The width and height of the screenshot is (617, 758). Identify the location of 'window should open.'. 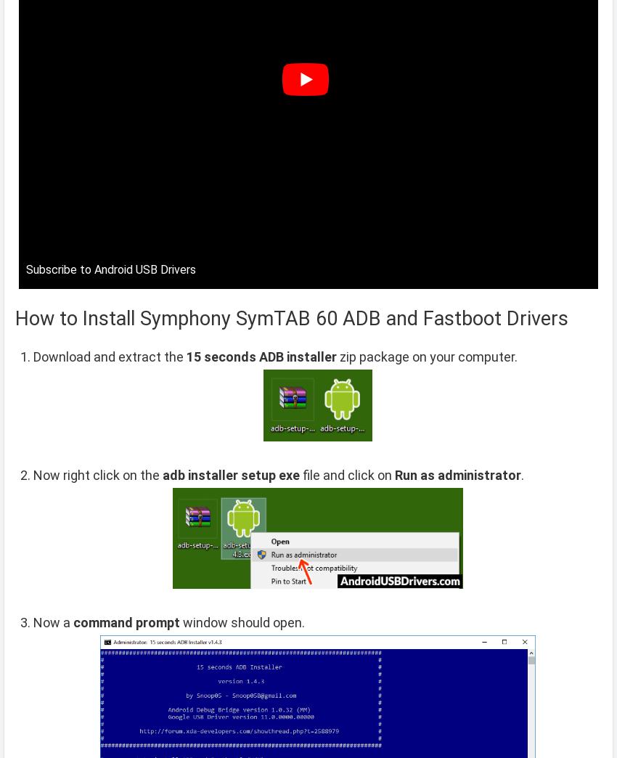
(242, 622).